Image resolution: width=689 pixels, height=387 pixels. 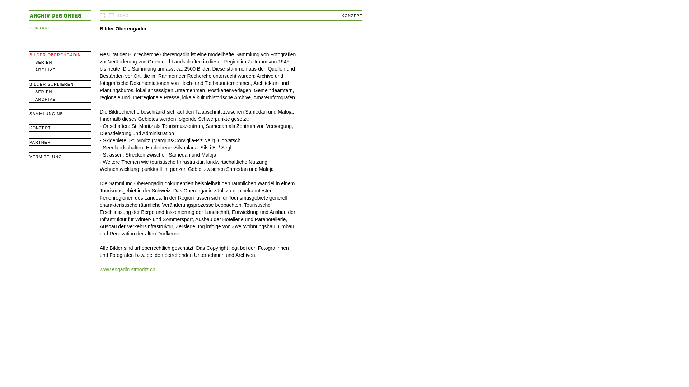 I want to click on 'ARCHIVE', so click(x=45, y=99).